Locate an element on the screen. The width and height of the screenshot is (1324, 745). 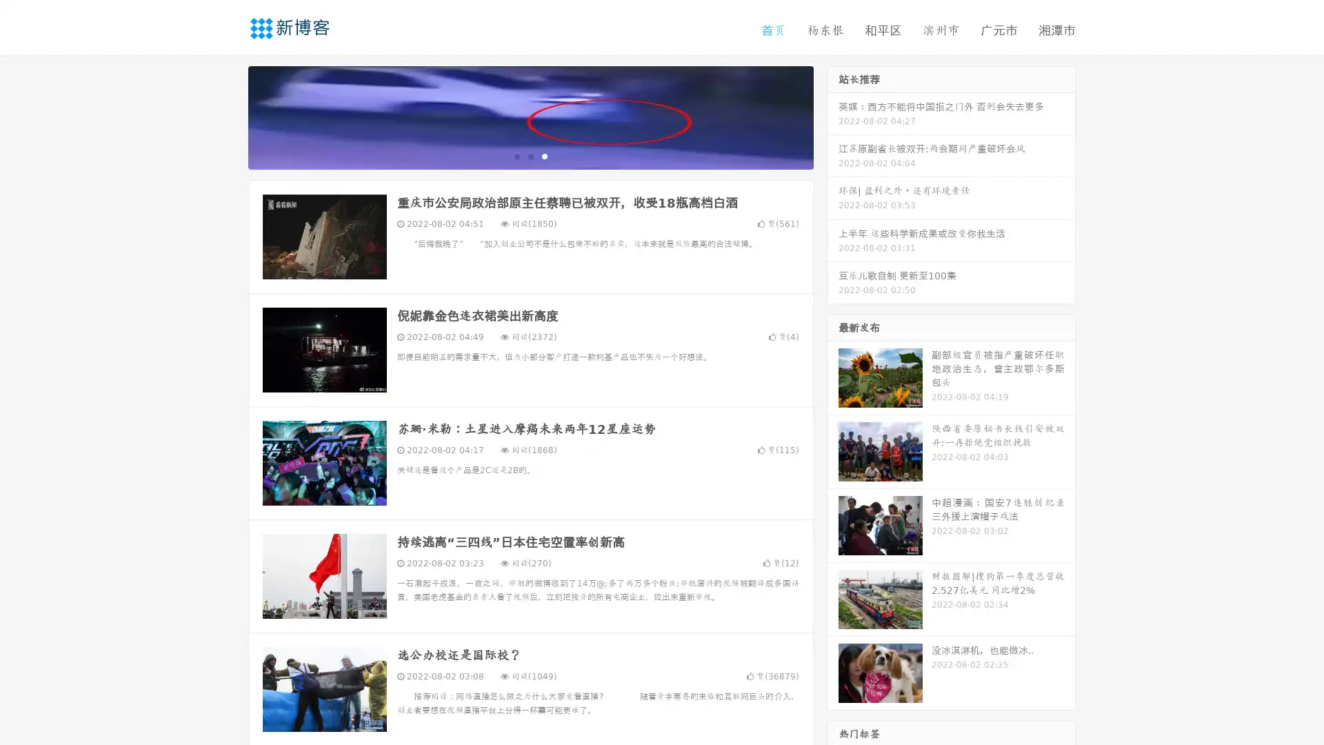
Go to slide 1 is located at coordinates (516, 155).